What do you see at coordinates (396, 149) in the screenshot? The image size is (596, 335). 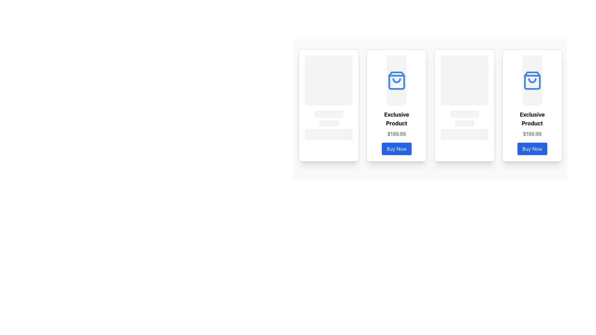 I see `the 'Buy Now' button with a blue background to observe the color change effect` at bounding box center [396, 149].